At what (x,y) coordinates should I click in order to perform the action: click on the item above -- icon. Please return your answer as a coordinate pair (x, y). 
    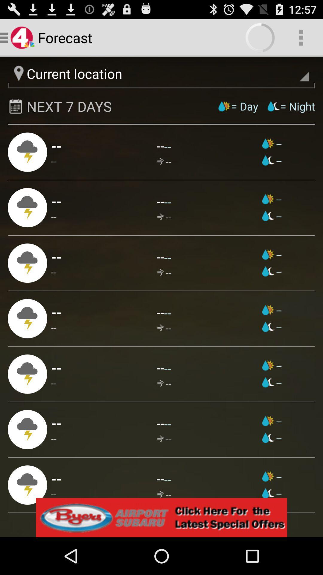
    Looking at the image, I should click on (56, 256).